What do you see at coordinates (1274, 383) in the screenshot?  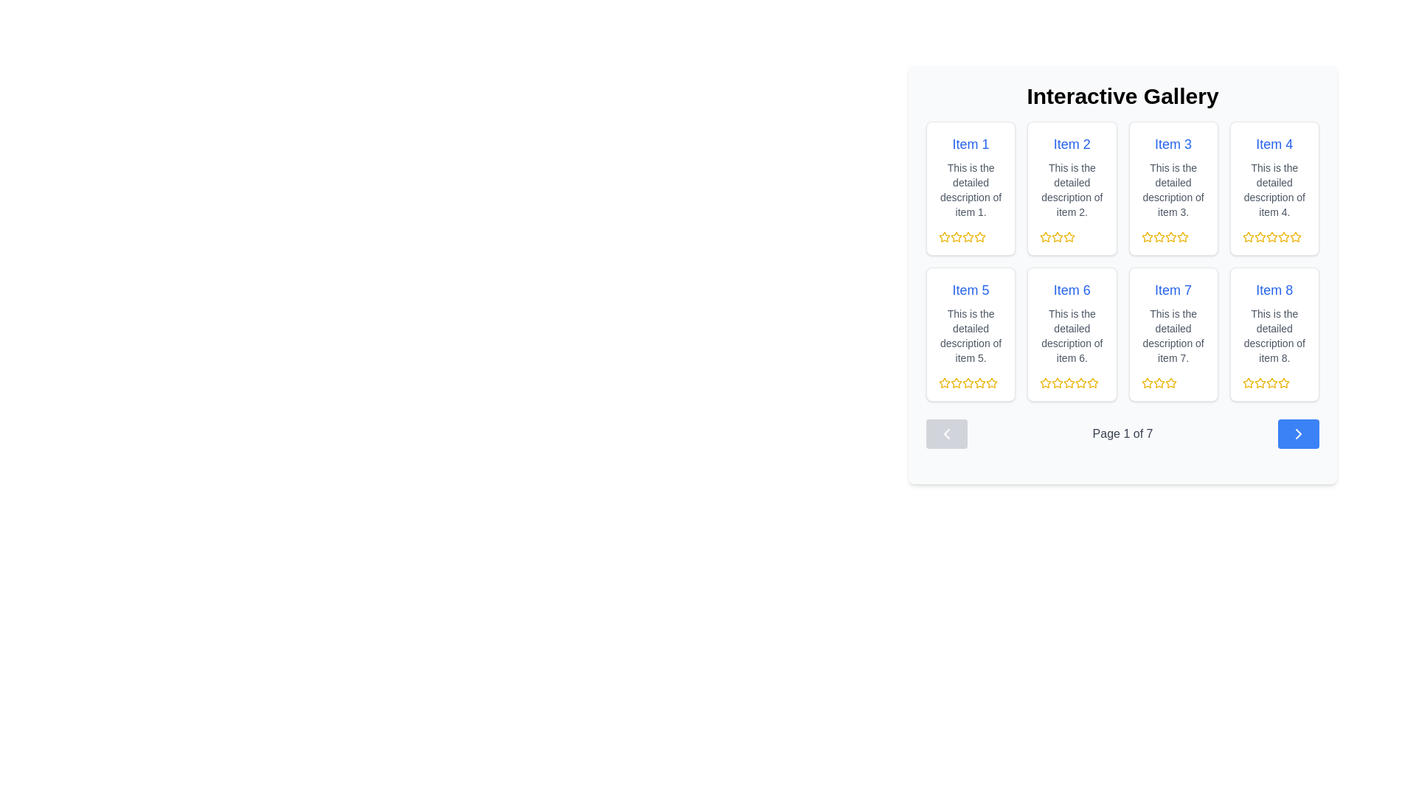 I see `the rating stars component for 'Item 8'` at bounding box center [1274, 383].